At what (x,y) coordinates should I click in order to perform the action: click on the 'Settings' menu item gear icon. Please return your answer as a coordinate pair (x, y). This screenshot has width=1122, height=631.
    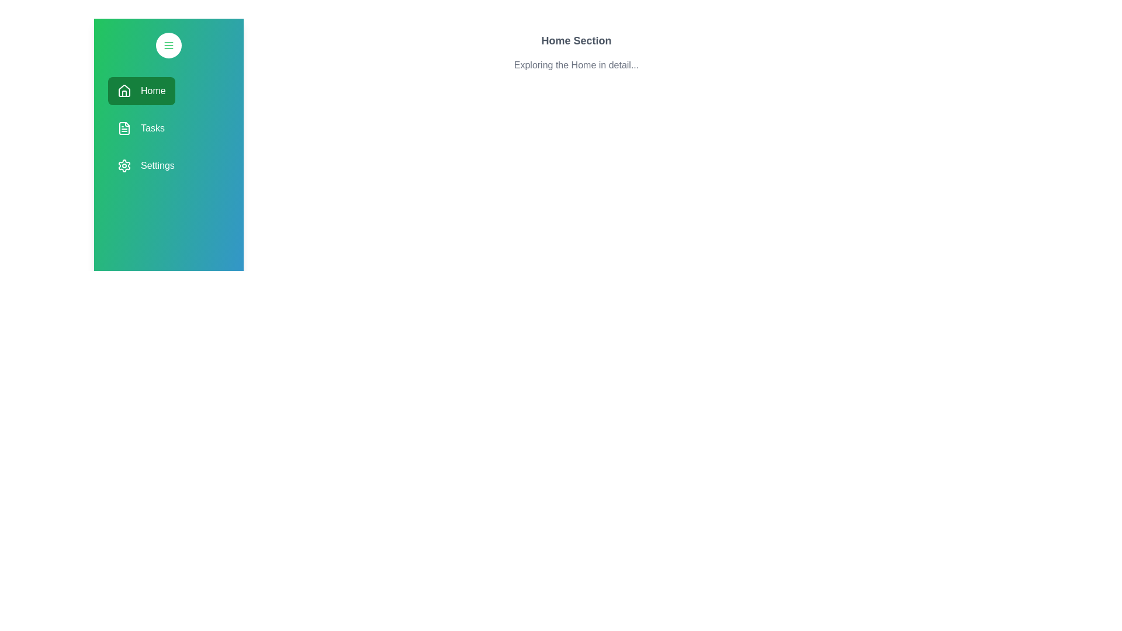
    Looking at the image, I should click on (124, 166).